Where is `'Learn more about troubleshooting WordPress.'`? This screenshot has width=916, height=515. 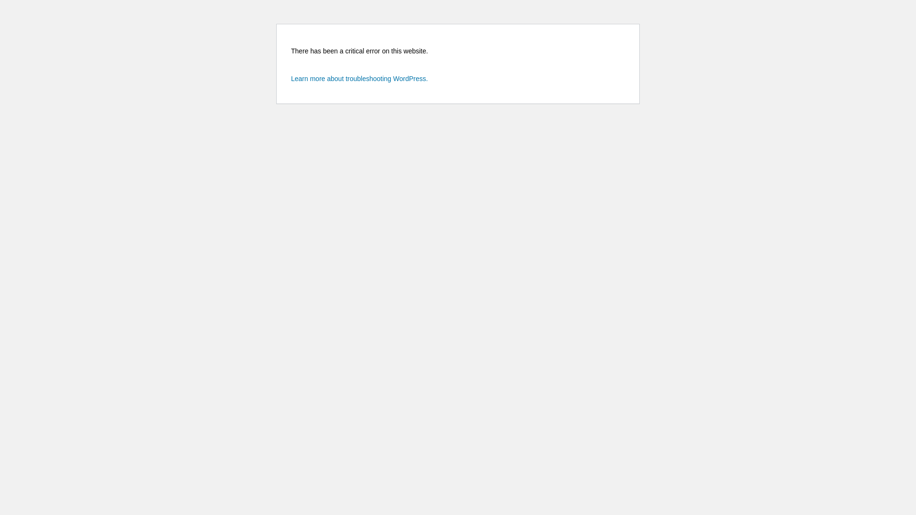 'Learn more about troubleshooting WordPress.' is located at coordinates (359, 78).